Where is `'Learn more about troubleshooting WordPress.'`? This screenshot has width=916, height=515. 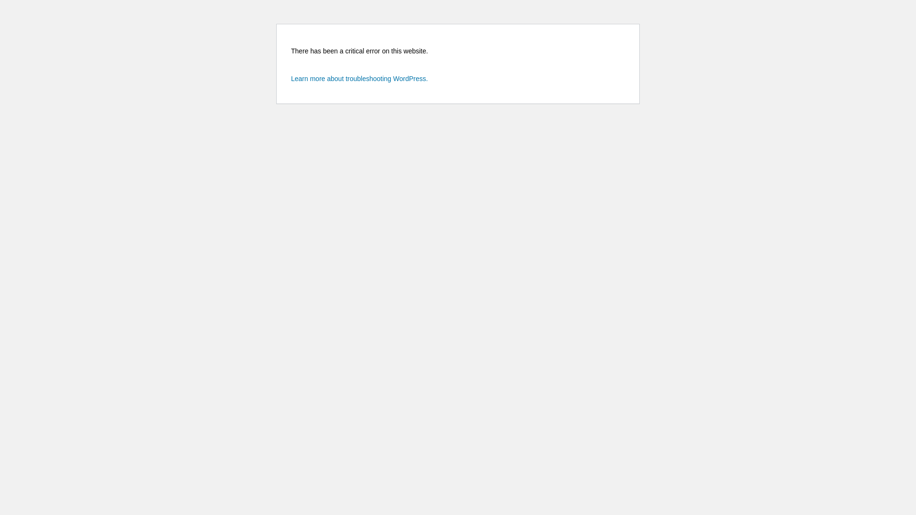 'Learn more about troubleshooting WordPress.' is located at coordinates (359, 78).